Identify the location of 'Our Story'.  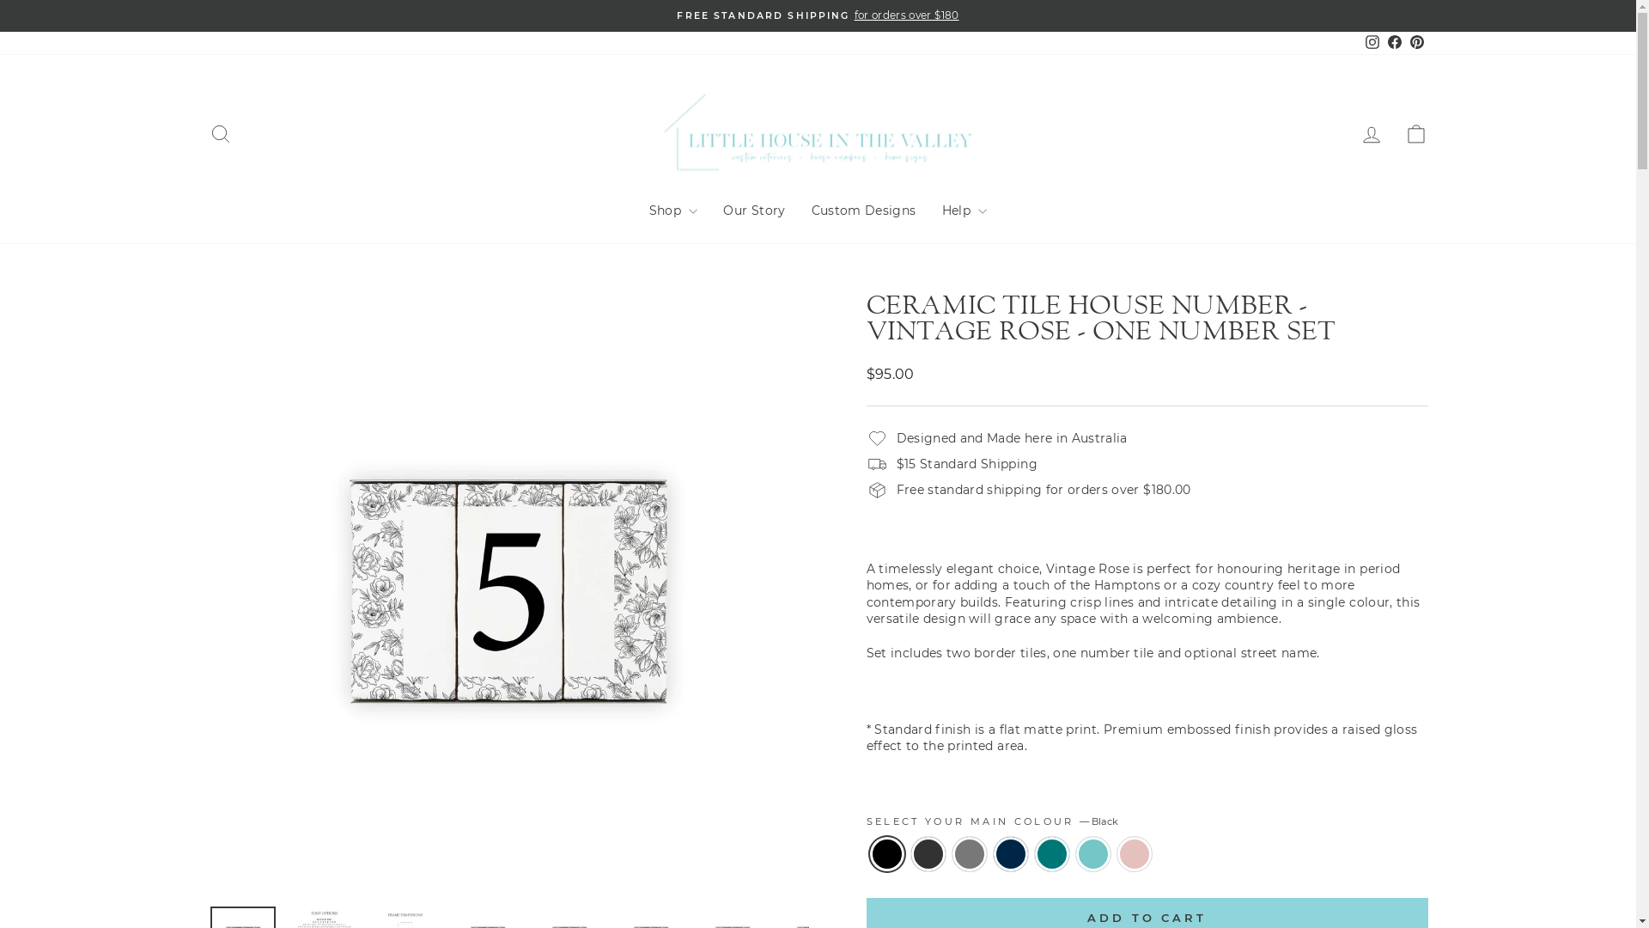
(754, 211).